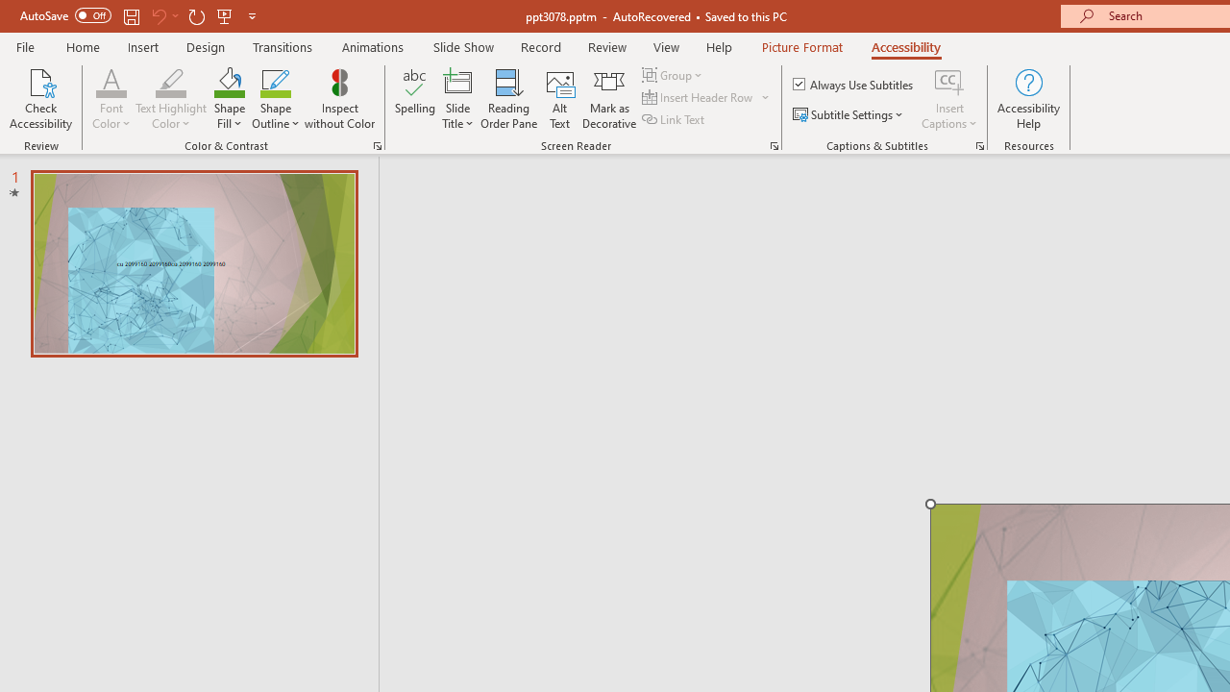 This screenshot has height=692, width=1230. I want to click on 'Mark as Decorative', so click(608, 99).